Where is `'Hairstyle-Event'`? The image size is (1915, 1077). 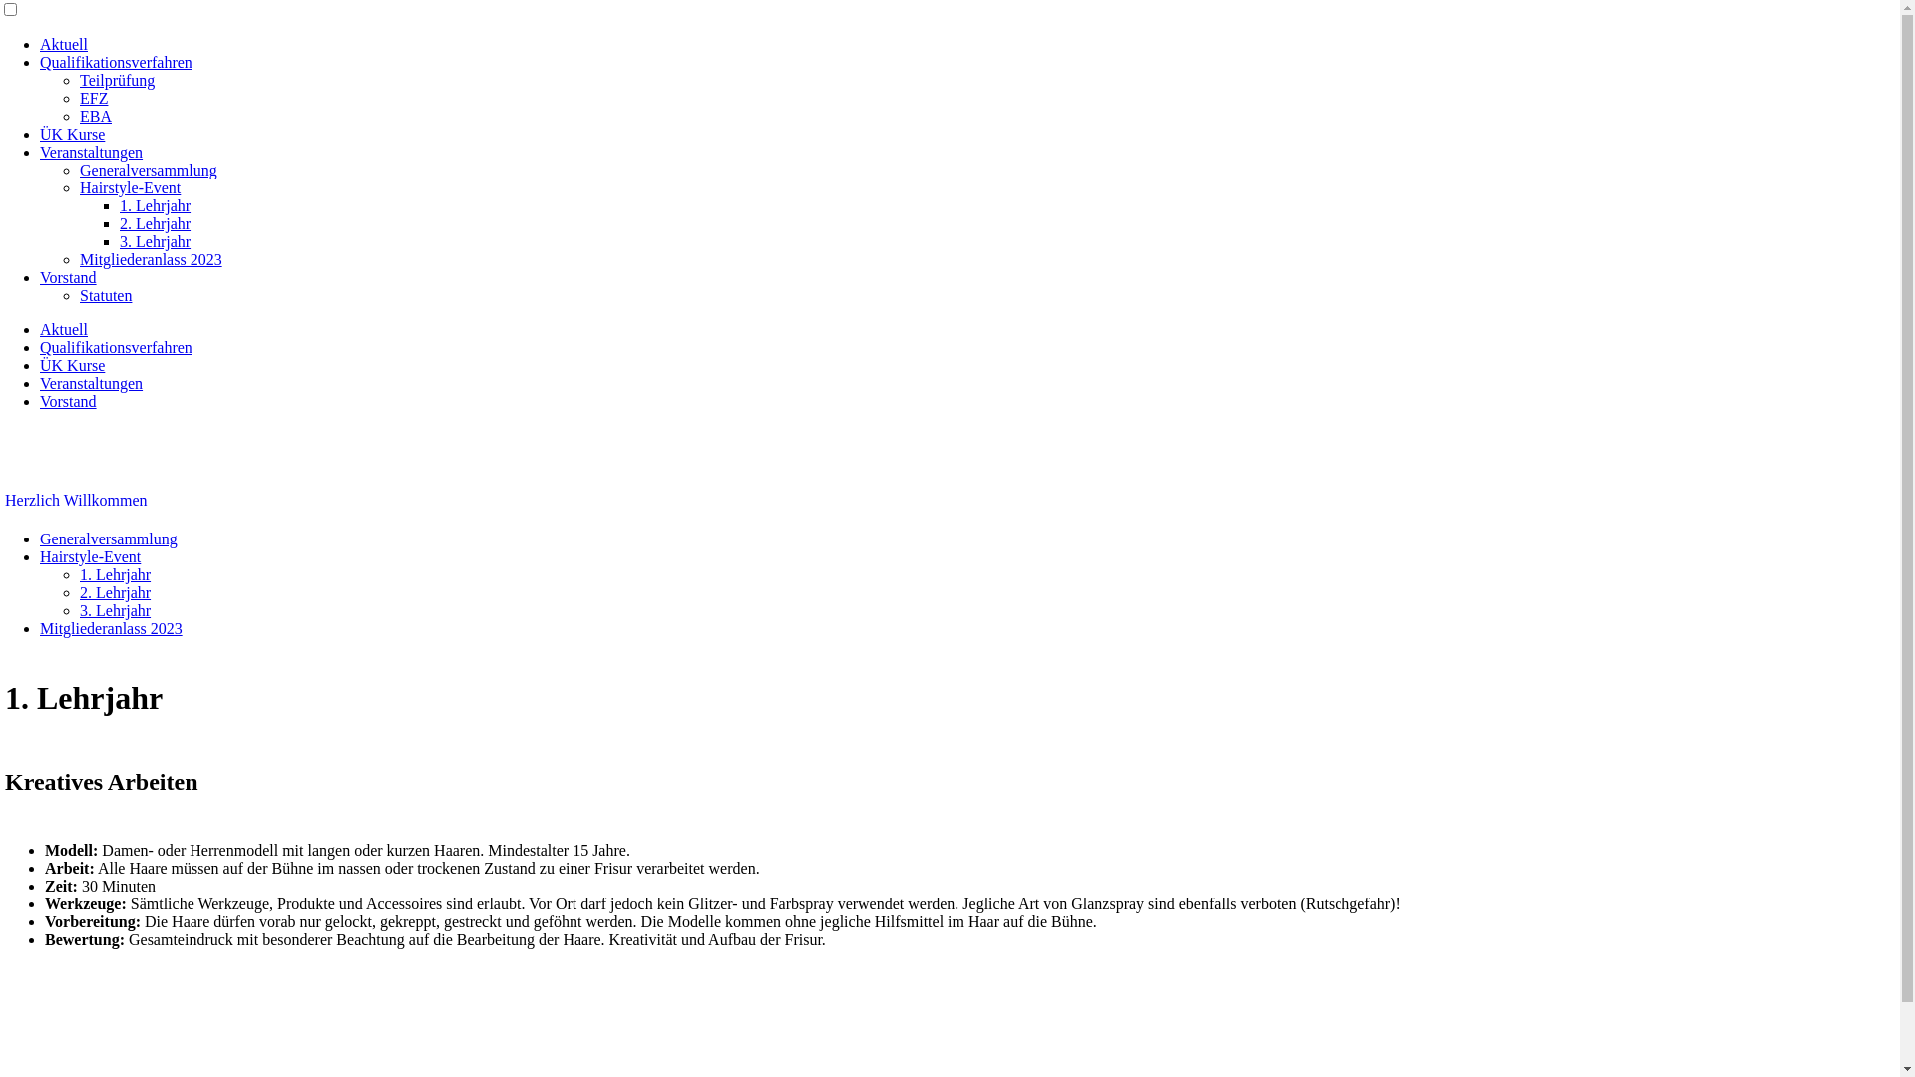
'Hairstyle-Event' is located at coordinates (89, 556).